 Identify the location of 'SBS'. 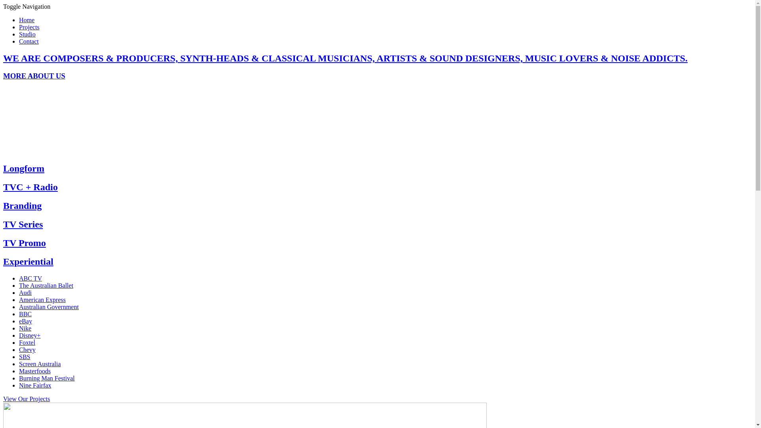
(25, 357).